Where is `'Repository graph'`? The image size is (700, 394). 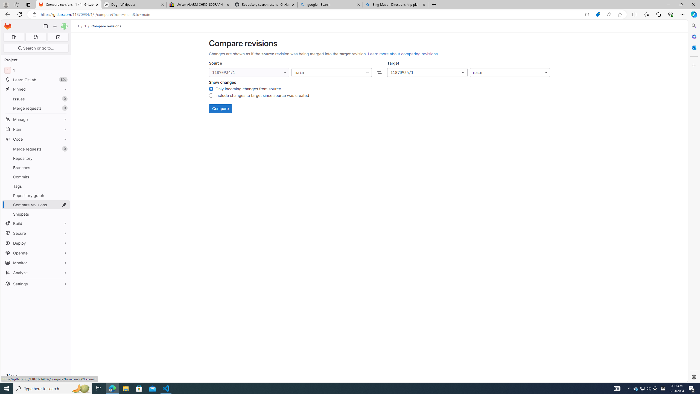 'Repository graph' is located at coordinates (36, 195).